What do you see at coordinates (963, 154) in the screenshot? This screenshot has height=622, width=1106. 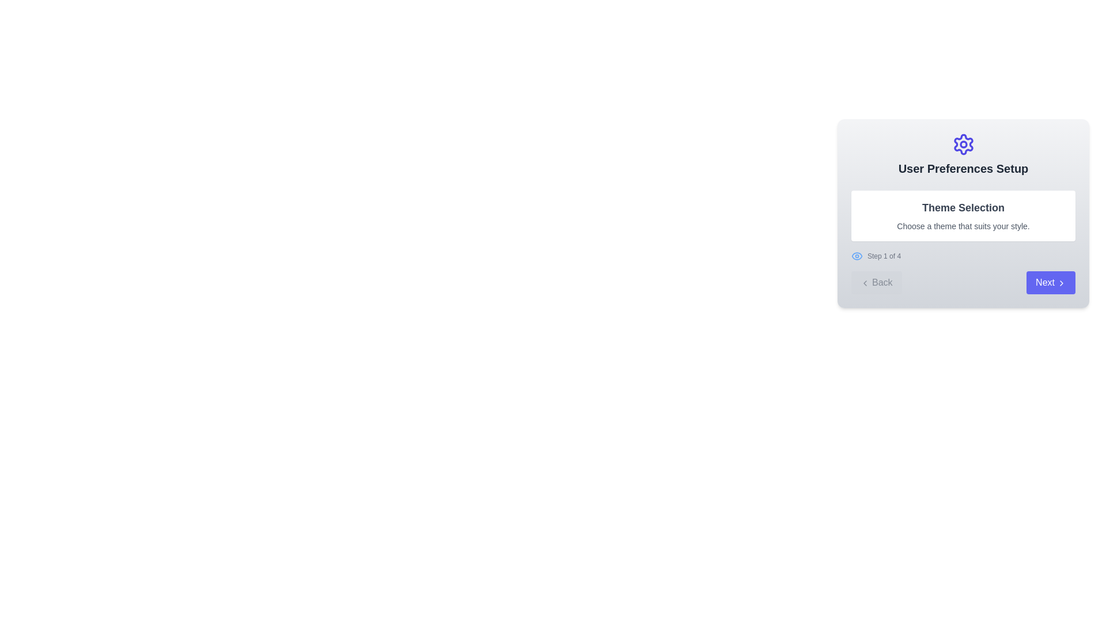 I see `text 'User Preferences Setup' along with the accompanying cog icon, which is centered above the text in a light background gradient` at bounding box center [963, 154].